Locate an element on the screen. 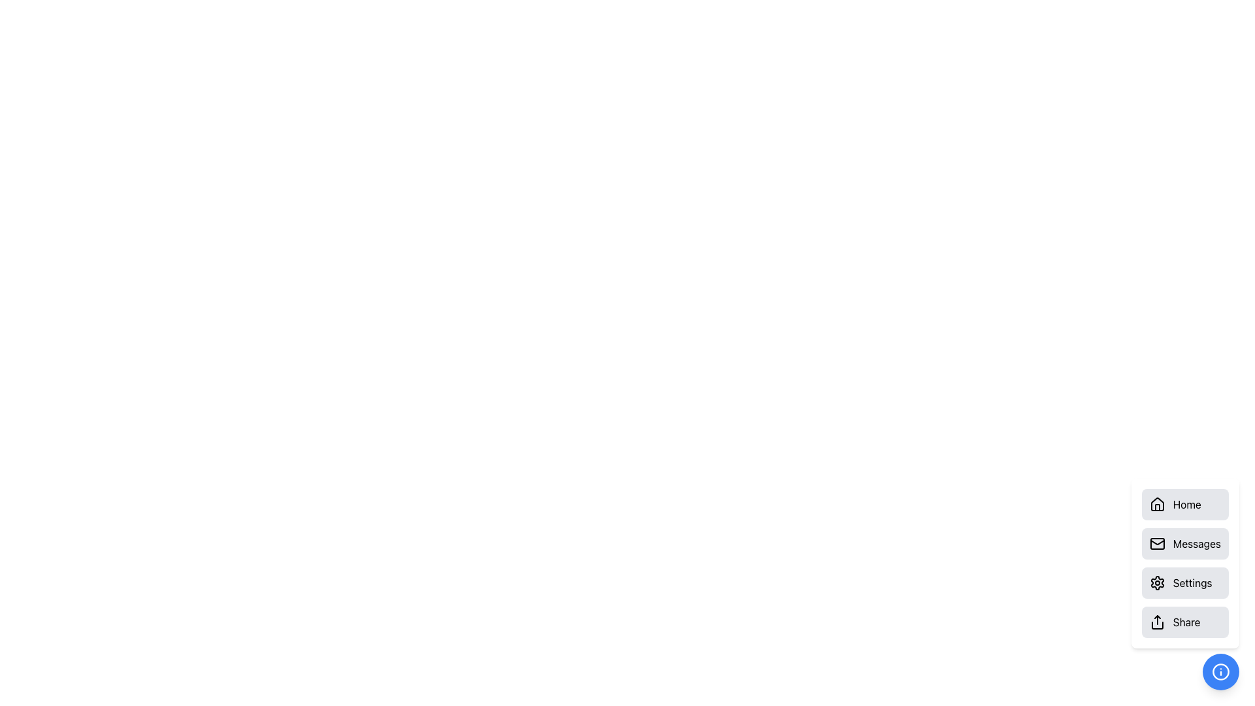 The height and width of the screenshot is (706, 1255). the fourth button in the vertical stack located at the bottom-right corner of the interface is located at coordinates (1185, 622).